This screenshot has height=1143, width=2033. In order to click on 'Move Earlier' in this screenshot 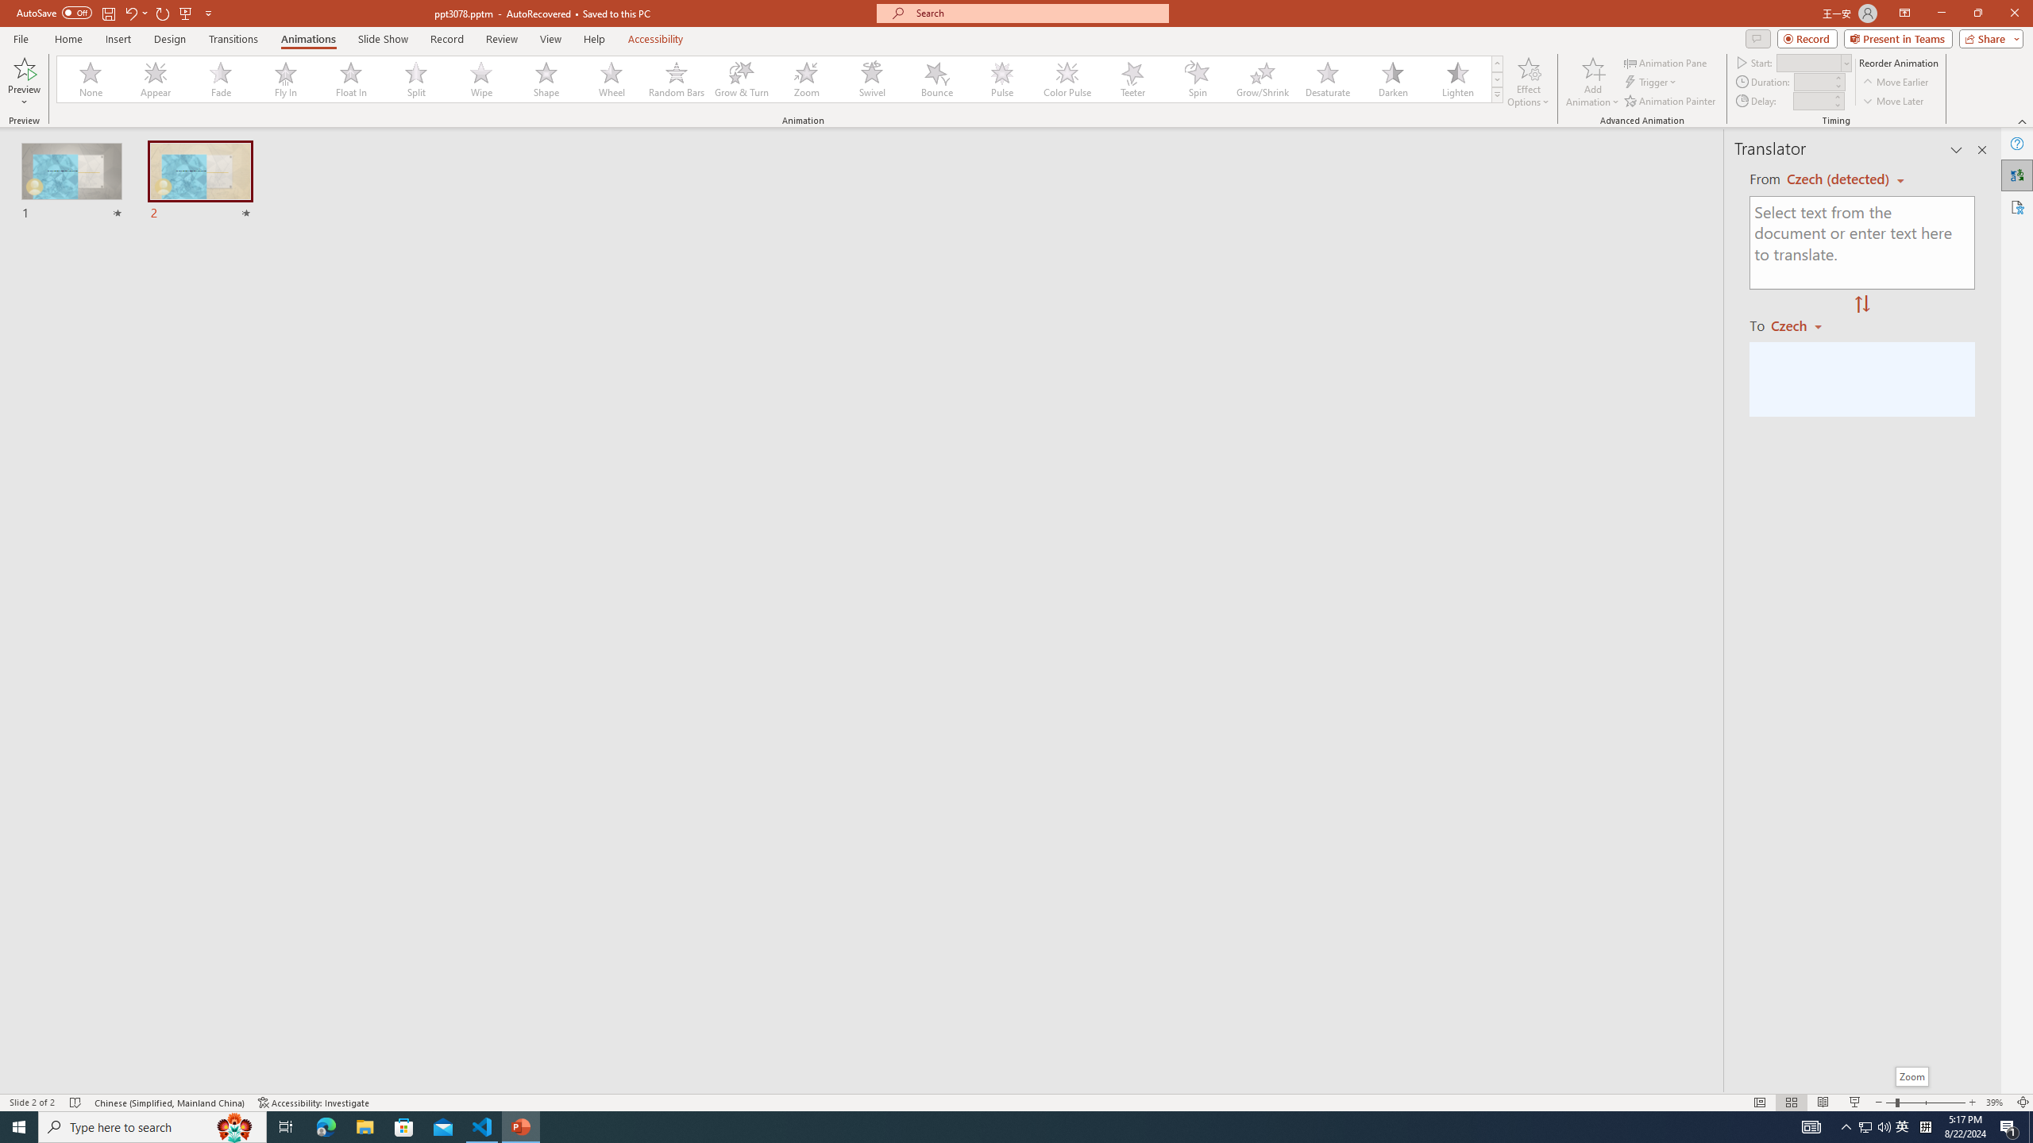, I will do `click(1895, 82)`.